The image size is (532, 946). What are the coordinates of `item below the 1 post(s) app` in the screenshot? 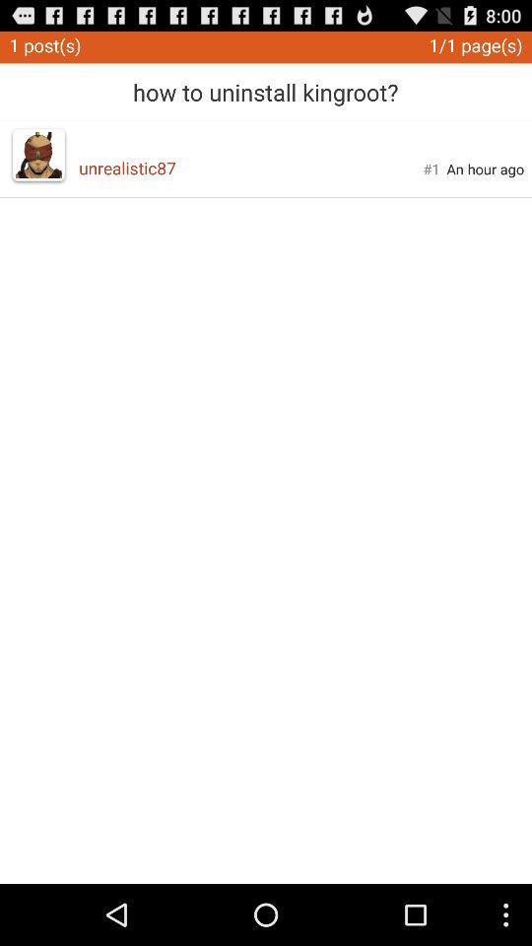 It's located at (38, 154).